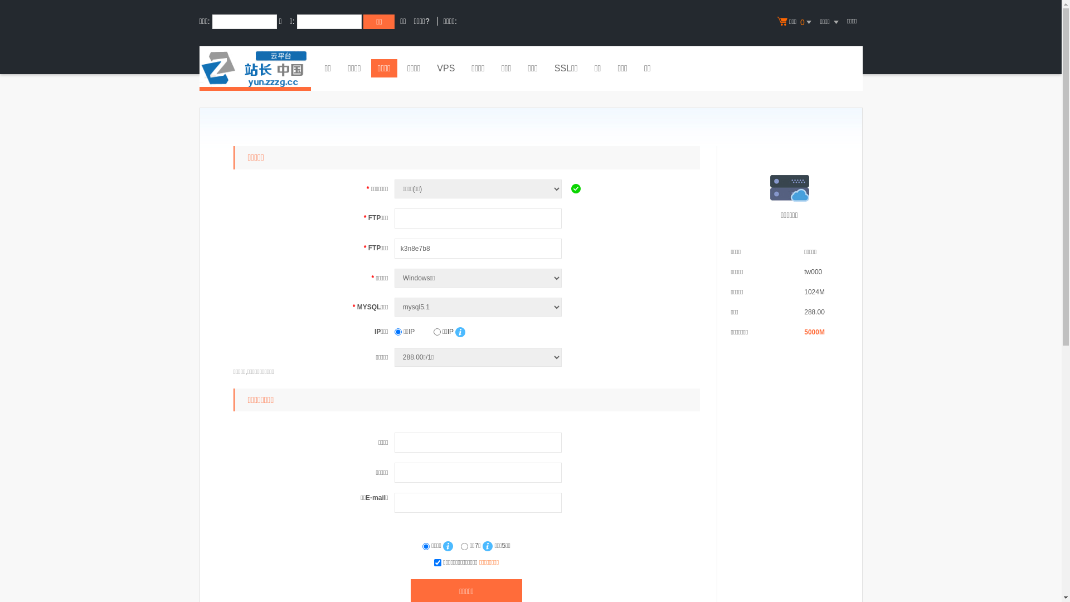  What do you see at coordinates (446, 69) in the screenshot?
I see `'VPS'` at bounding box center [446, 69].